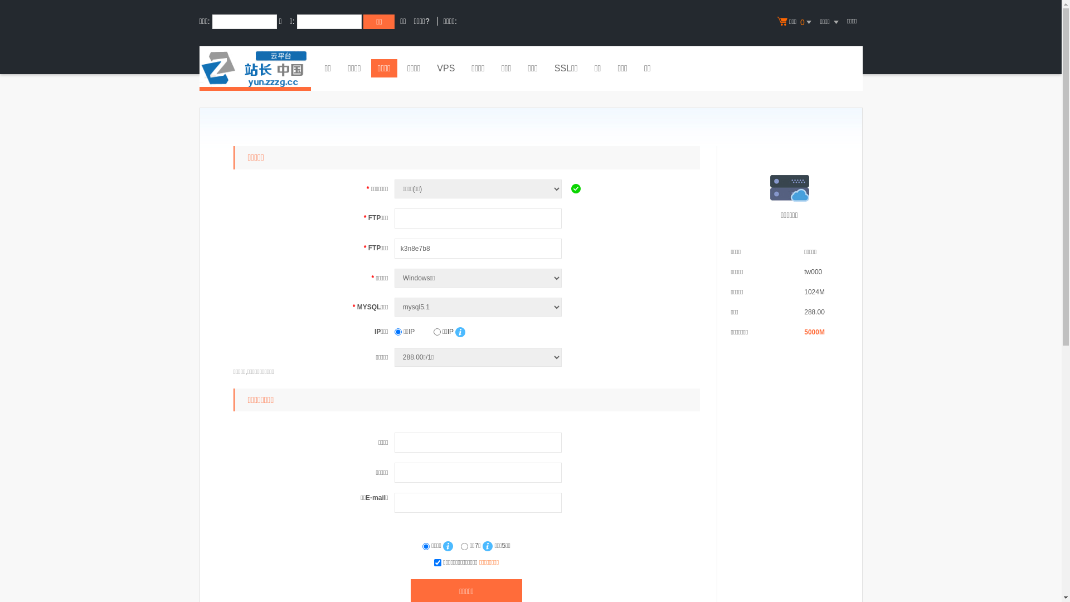  What do you see at coordinates (446, 69) in the screenshot?
I see `'VPS'` at bounding box center [446, 69].